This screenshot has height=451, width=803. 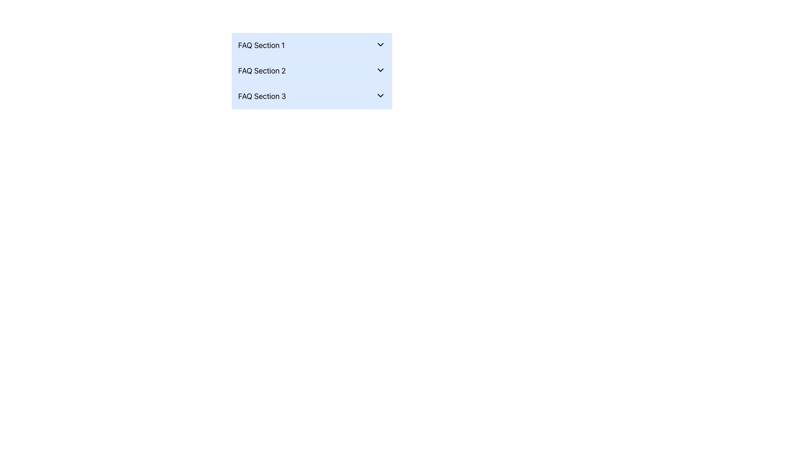 What do you see at coordinates (380, 45) in the screenshot?
I see `the chevron down icon button located in the 'FAQ Section 1'` at bounding box center [380, 45].